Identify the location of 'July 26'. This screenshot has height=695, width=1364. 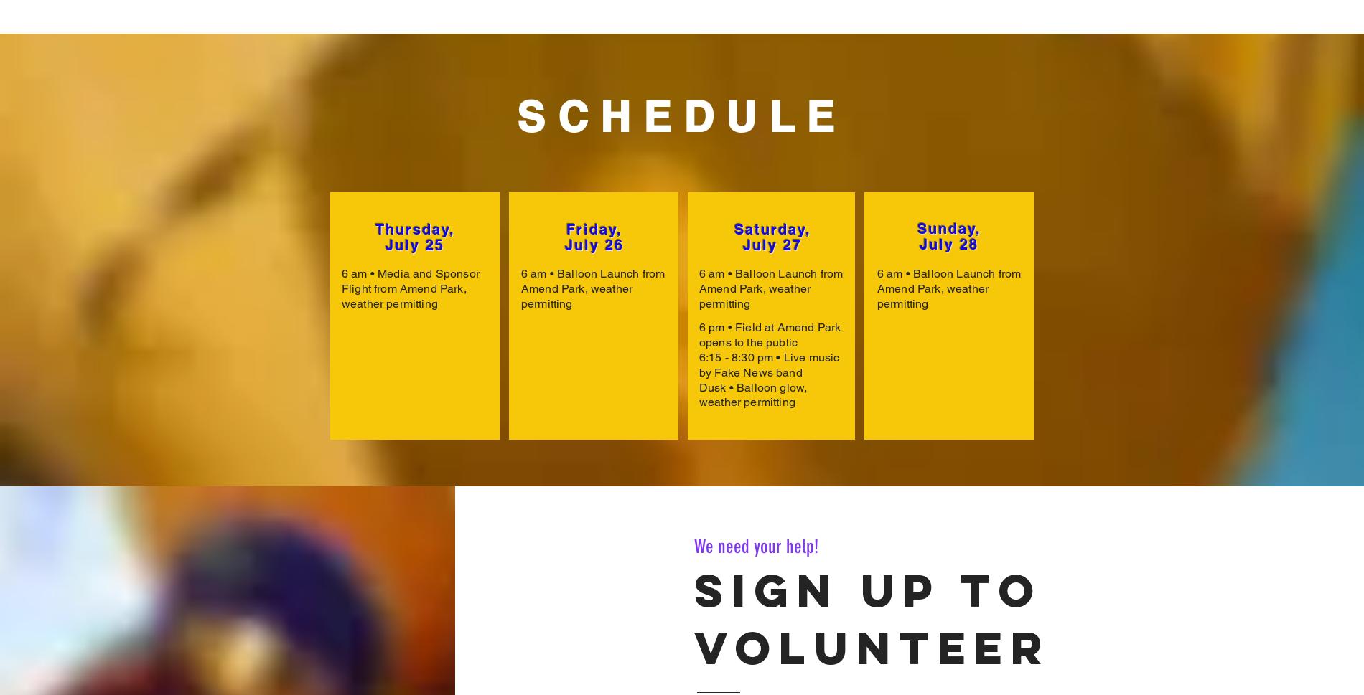
(594, 244).